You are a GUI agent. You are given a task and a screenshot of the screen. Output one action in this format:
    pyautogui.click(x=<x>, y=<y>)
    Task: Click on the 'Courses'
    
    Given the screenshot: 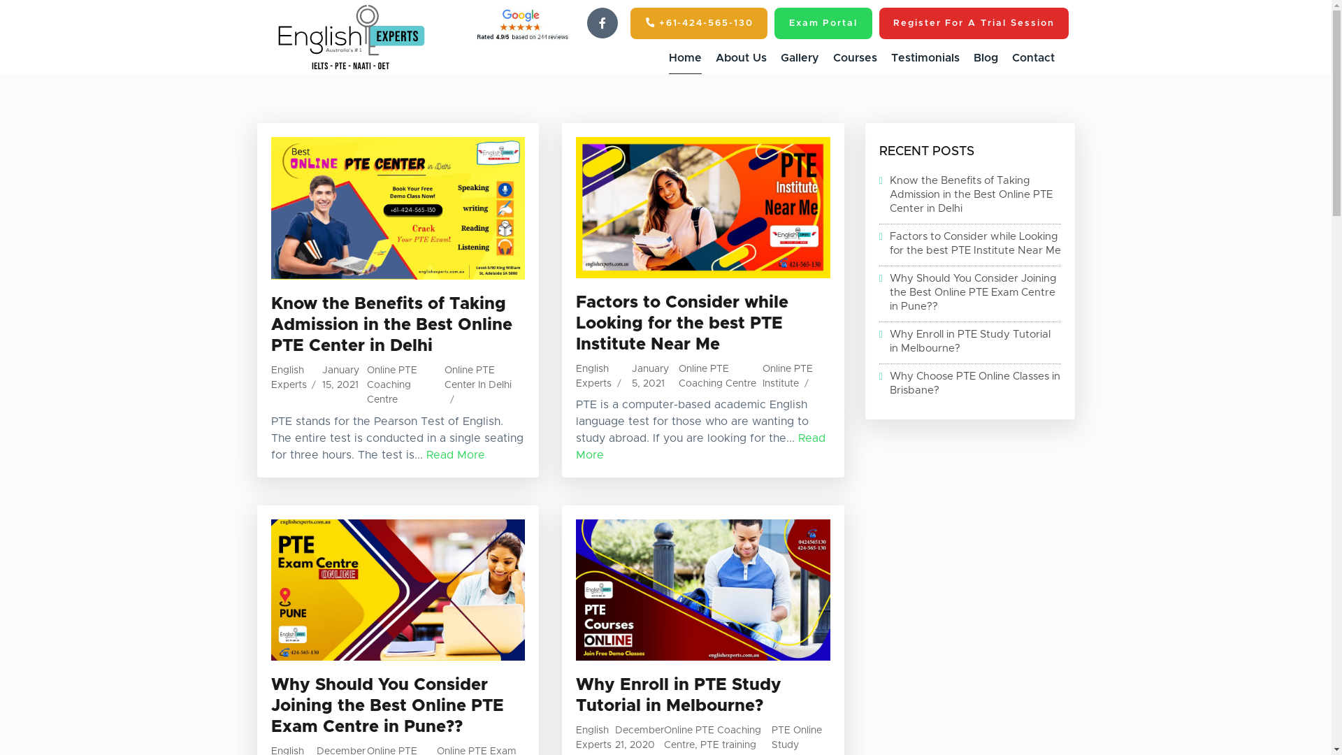 What is the action you would take?
    pyautogui.click(x=854, y=57)
    